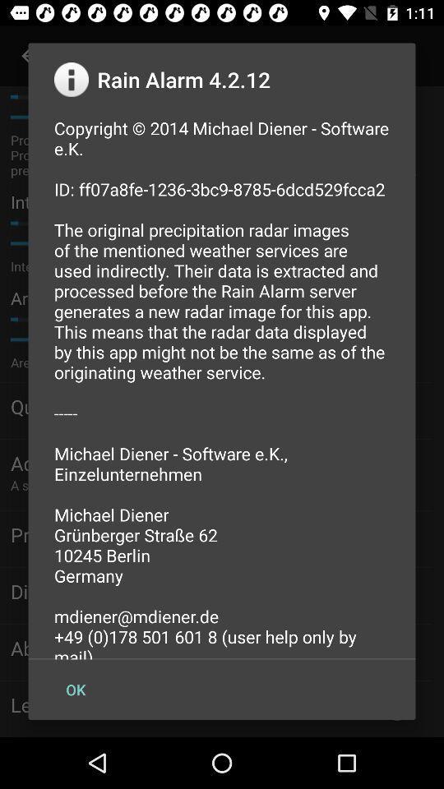 Image resolution: width=444 pixels, height=789 pixels. I want to click on ok at the bottom left corner, so click(75, 690).